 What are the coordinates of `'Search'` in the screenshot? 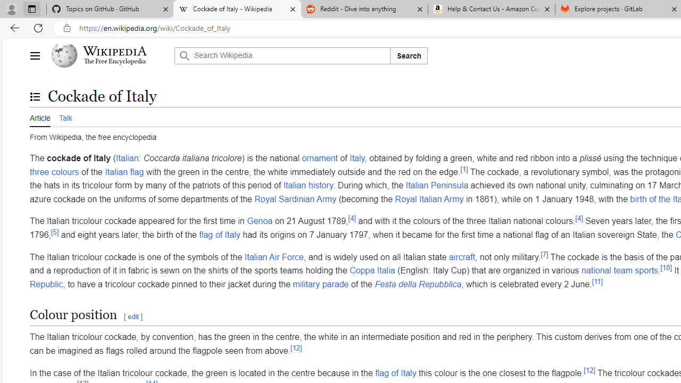 It's located at (408, 56).